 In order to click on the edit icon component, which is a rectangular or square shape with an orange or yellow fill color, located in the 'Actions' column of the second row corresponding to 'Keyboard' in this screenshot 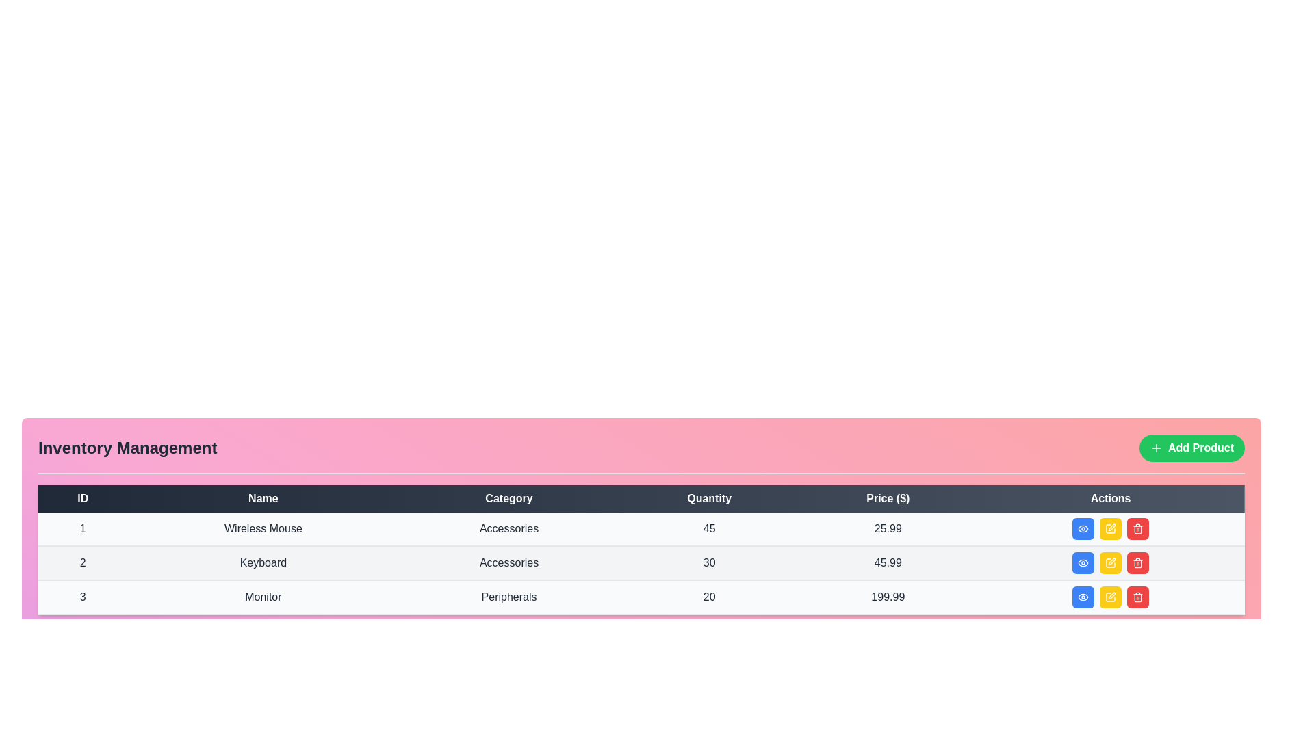, I will do `click(1111, 528)`.